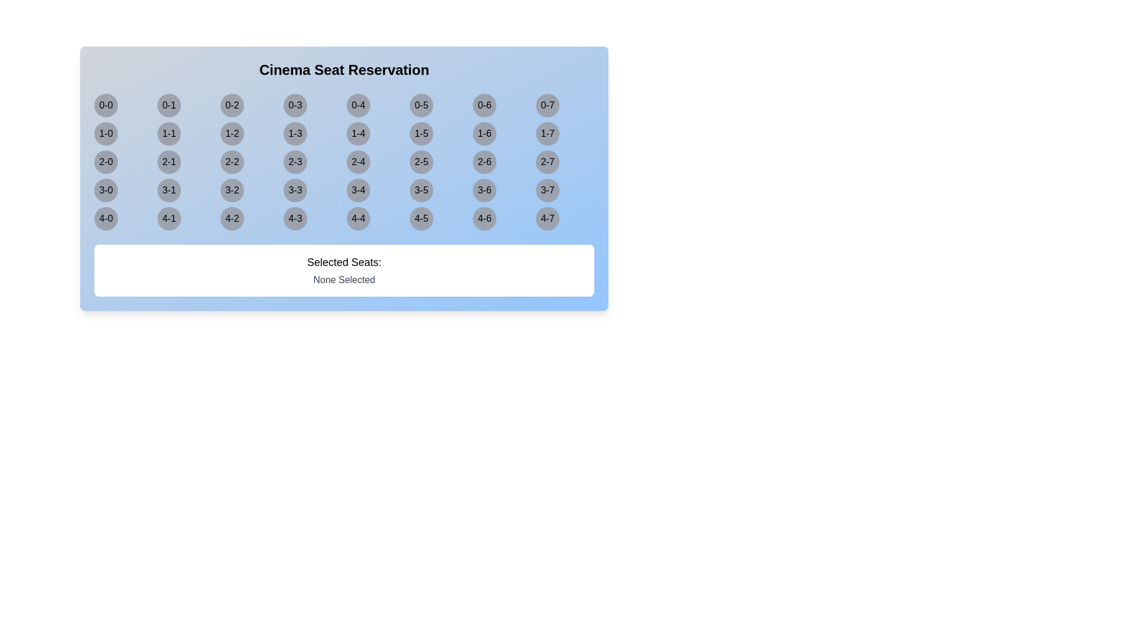 The height and width of the screenshot is (637, 1132). What do you see at coordinates (106, 133) in the screenshot?
I see `the button labeled '1-0' located` at bounding box center [106, 133].